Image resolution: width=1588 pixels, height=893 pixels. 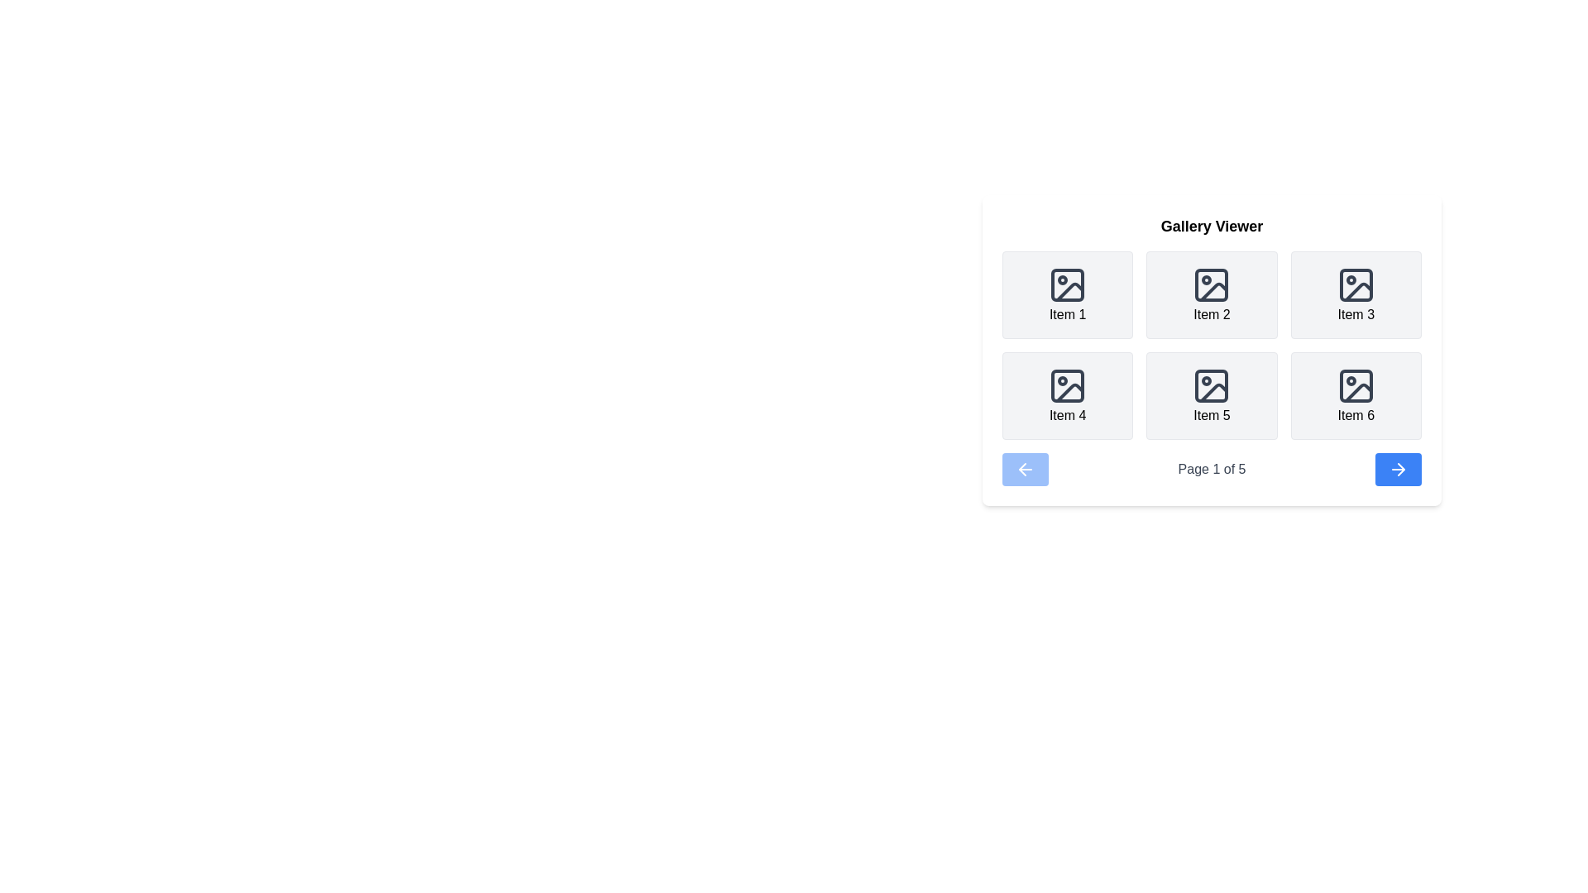 I want to click on the decorative rectangle with rounded corners located in the top-left corner of the image icon in the gallery viewer interface, so click(x=1068, y=284).